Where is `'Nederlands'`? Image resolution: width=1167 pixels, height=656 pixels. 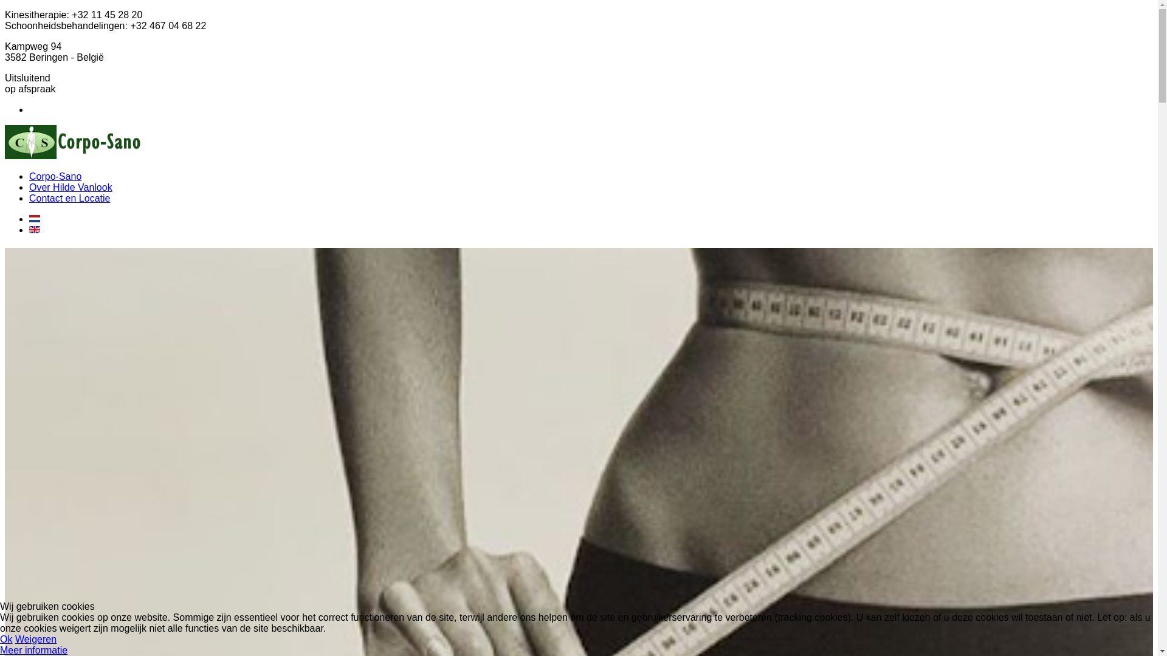 'Nederlands' is located at coordinates (35, 217).